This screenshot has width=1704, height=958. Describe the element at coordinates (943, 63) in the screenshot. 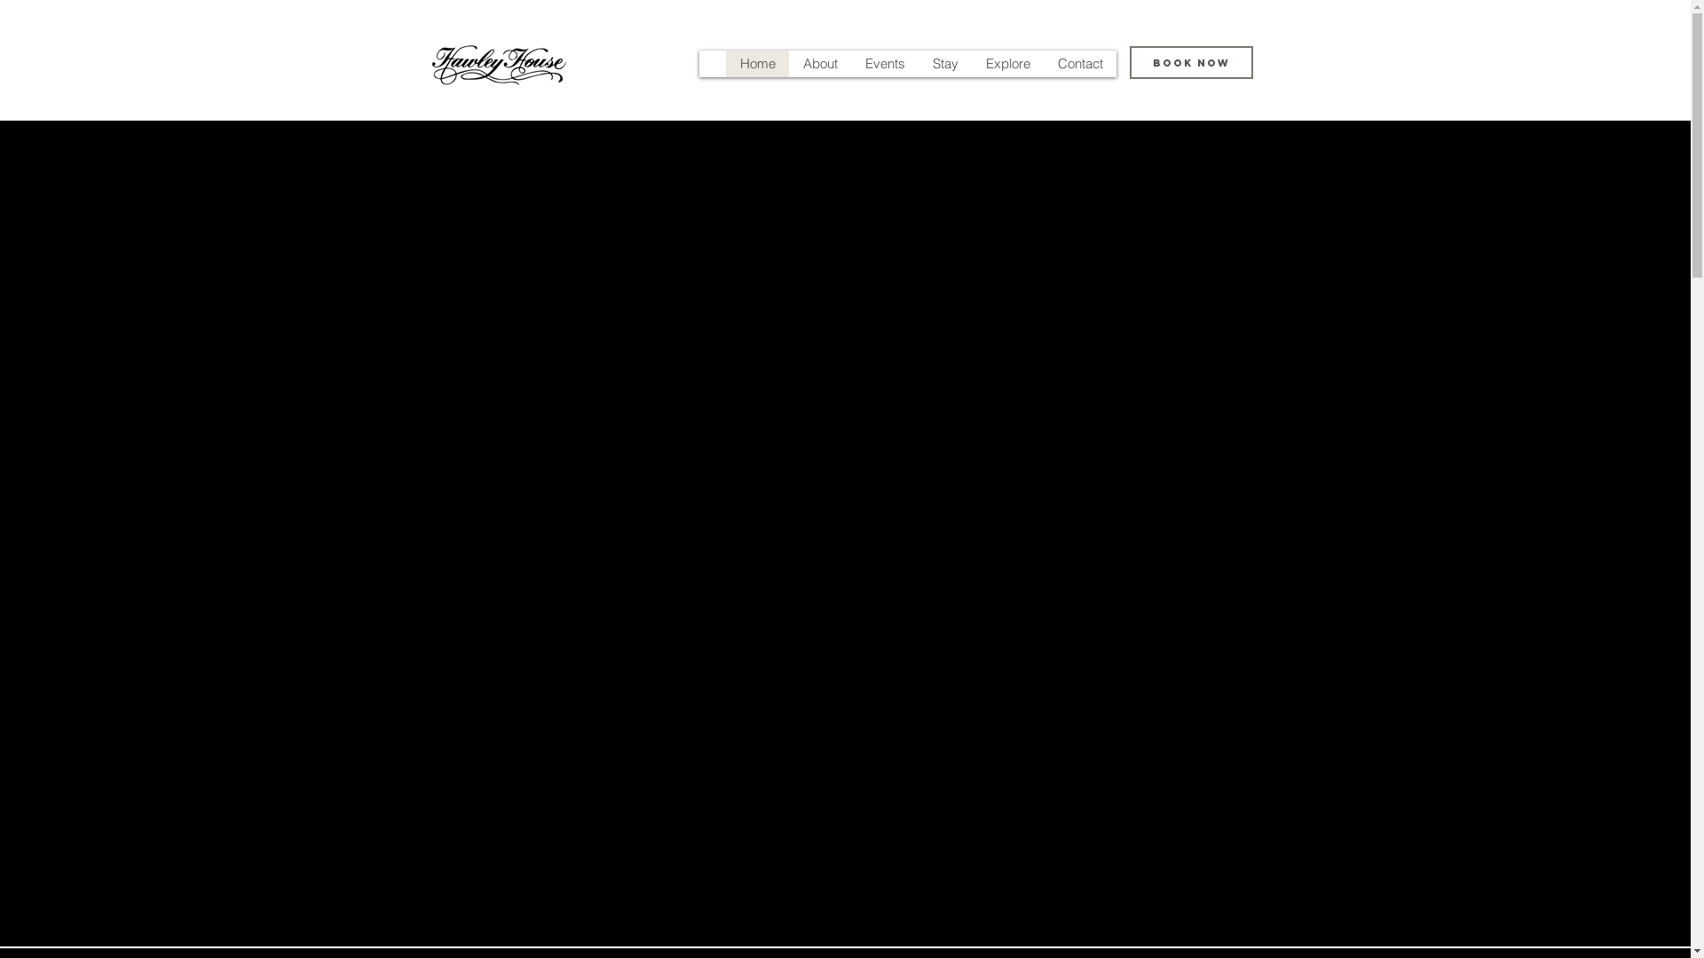

I see `'Stay'` at that location.